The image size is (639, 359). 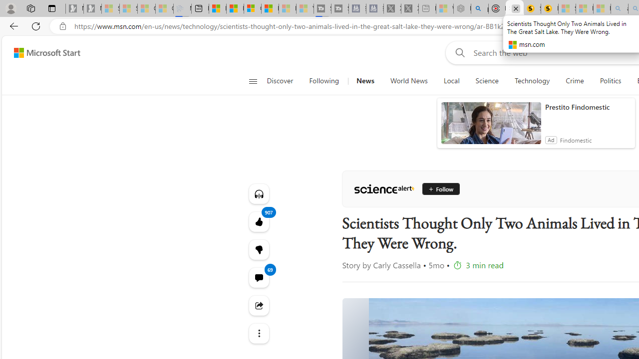 What do you see at coordinates (410, 8) in the screenshot?
I see `'X - Sleeping'` at bounding box center [410, 8].